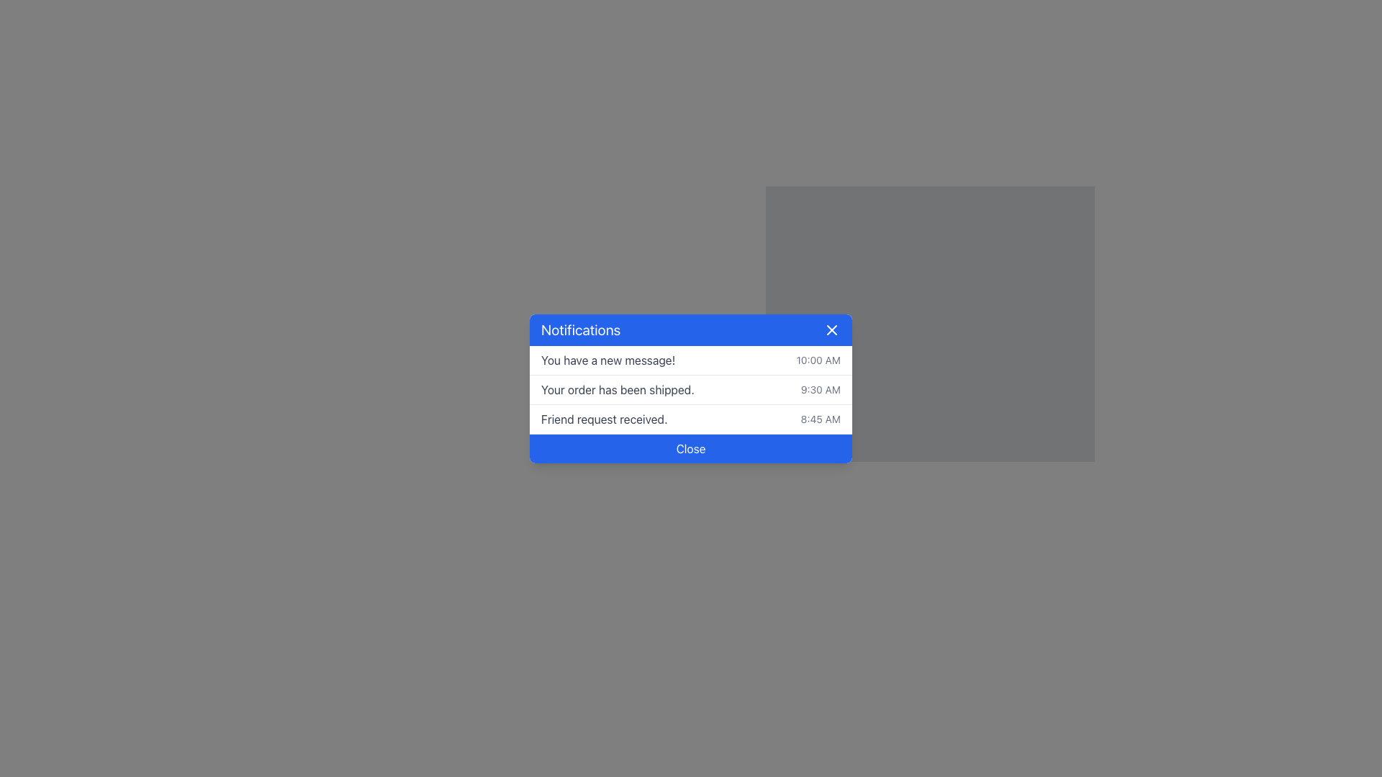 The image size is (1382, 777). What do you see at coordinates (604, 419) in the screenshot?
I see `the text label that reads 'Friend request received.' located in the third row of the notification panel` at bounding box center [604, 419].